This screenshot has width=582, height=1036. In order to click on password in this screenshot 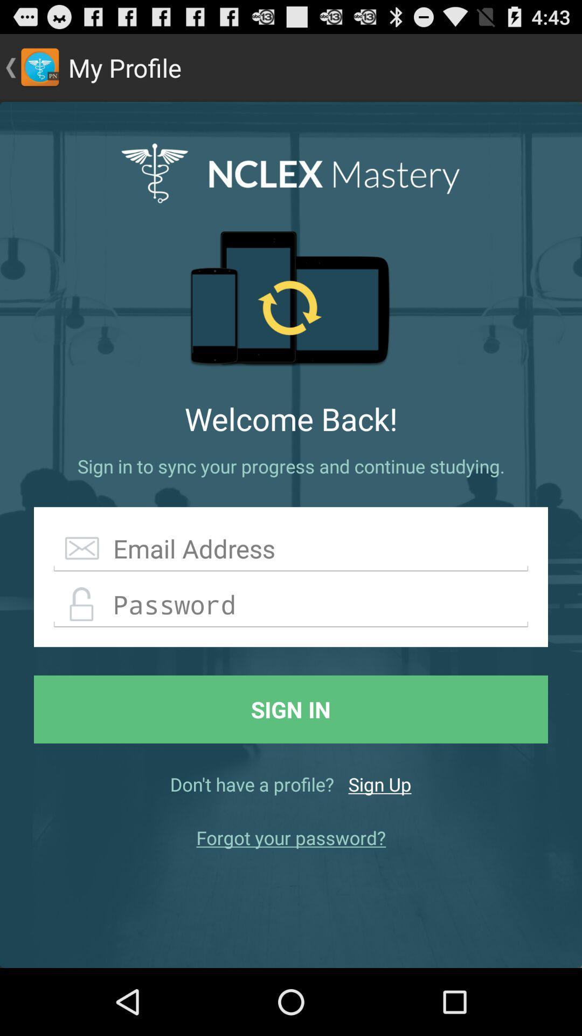, I will do `click(291, 605)`.